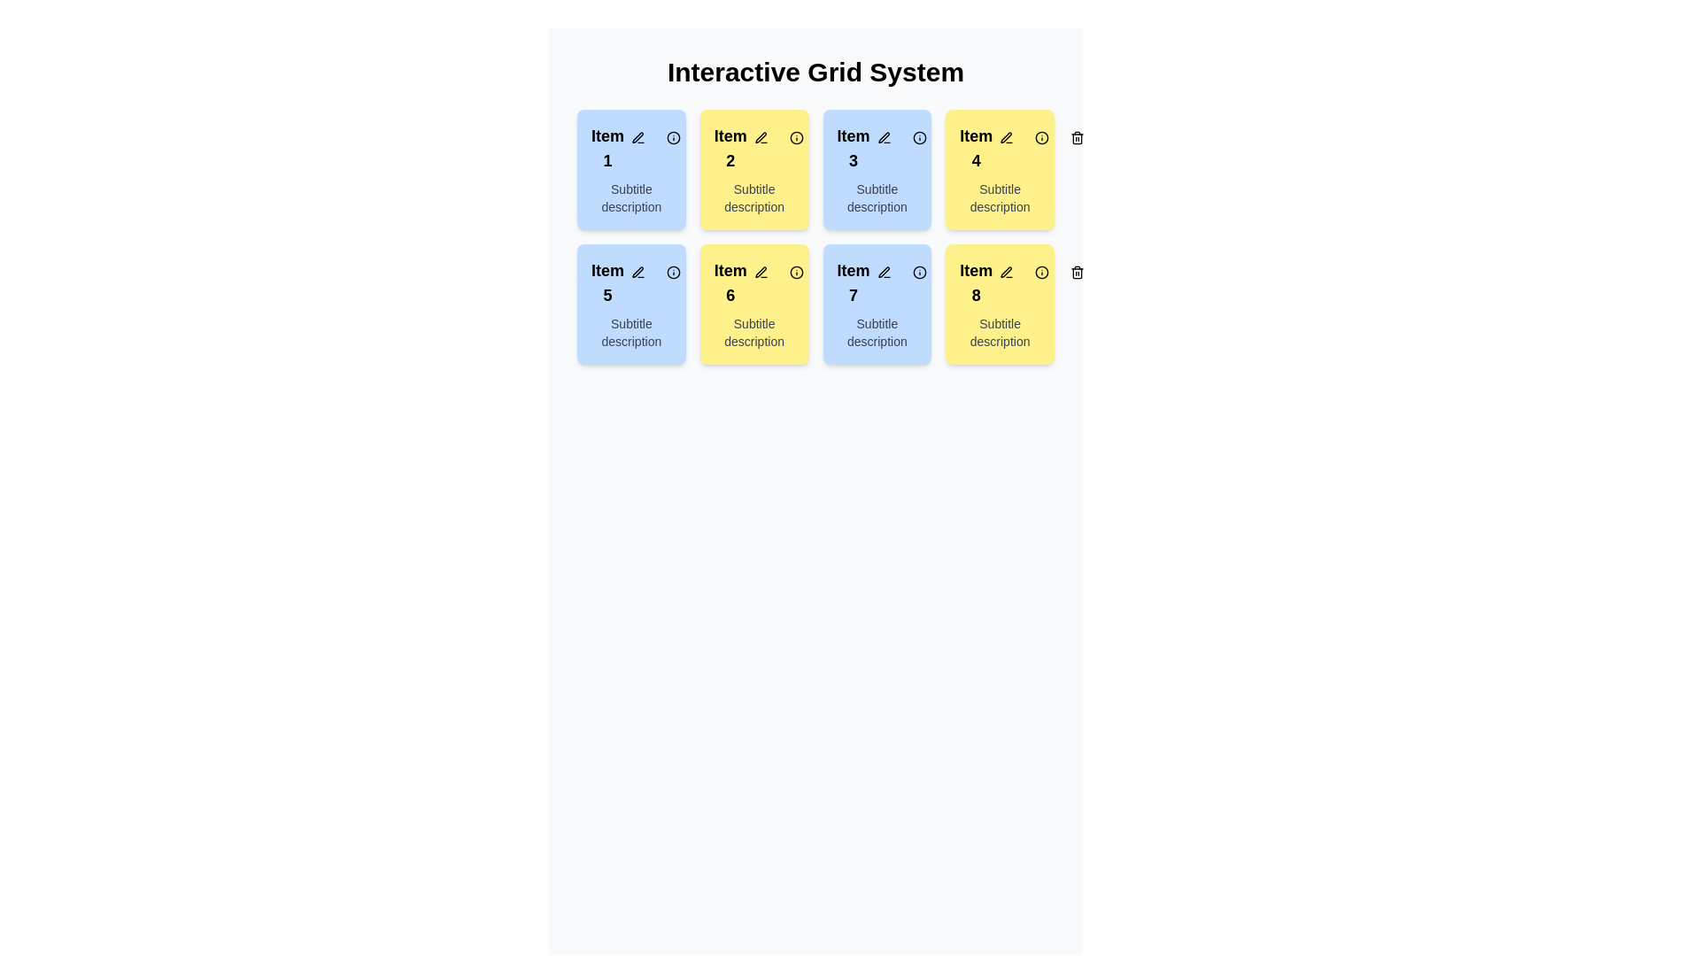 This screenshot has width=1700, height=956. What do you see at coordinates (1000, 148) in the screenshot?
I see `text label displaying 'Item 4', which is bold and positioned prominently as the main label of the fourth card in the grid` at bounding box center [1000, 148].